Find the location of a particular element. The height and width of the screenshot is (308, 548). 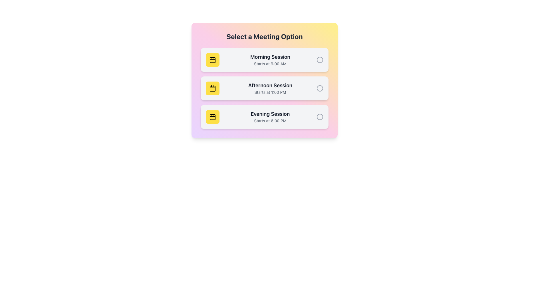

the 'Morning Session' radio button located at the far right of the first row in the option cards is located at coordinates (320, 60).